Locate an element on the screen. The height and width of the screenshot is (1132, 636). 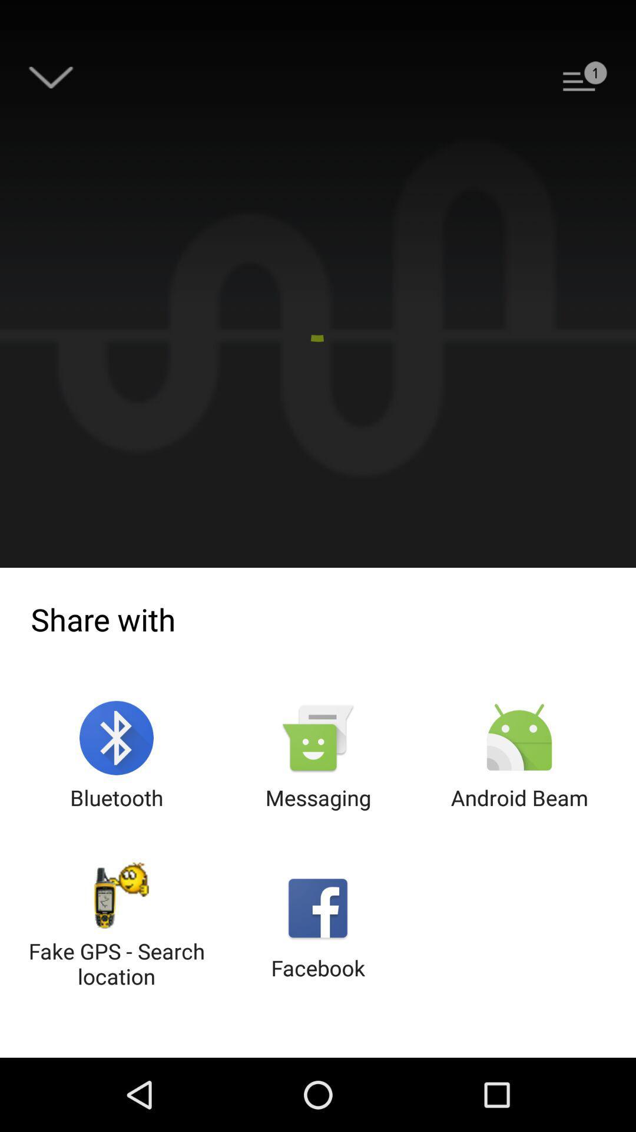
icon next to facebook is located at coordinates (117, 926).